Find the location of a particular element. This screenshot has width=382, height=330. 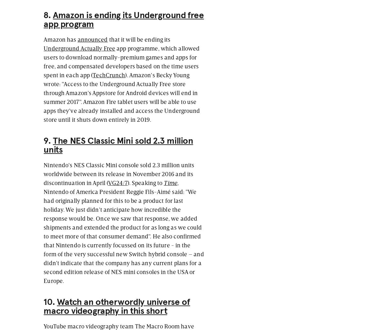

'8.' is located at coordinates (48, 15).